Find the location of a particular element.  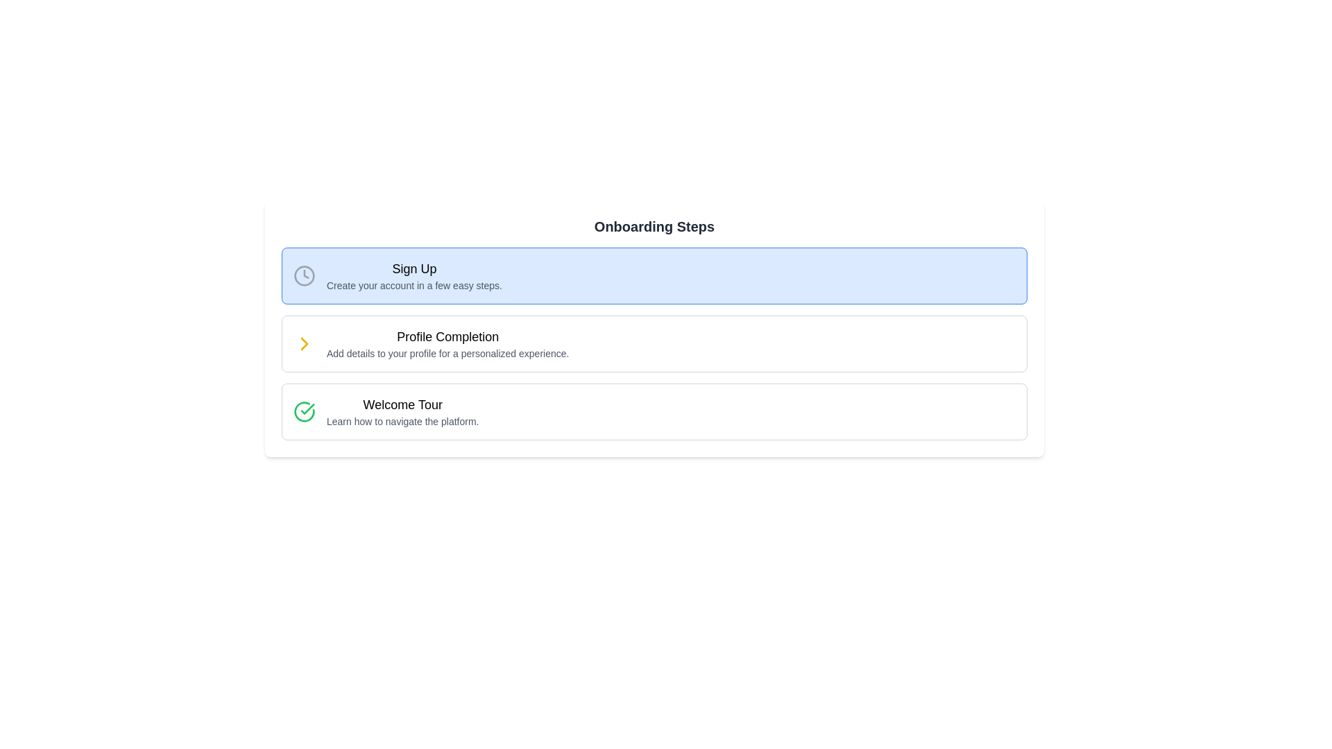

the small right-angled triangular indicator pointing downwards, which is part of the clock icon in the first onboarding step labeled 'Sign Up' is located at coordinates (305, 274).